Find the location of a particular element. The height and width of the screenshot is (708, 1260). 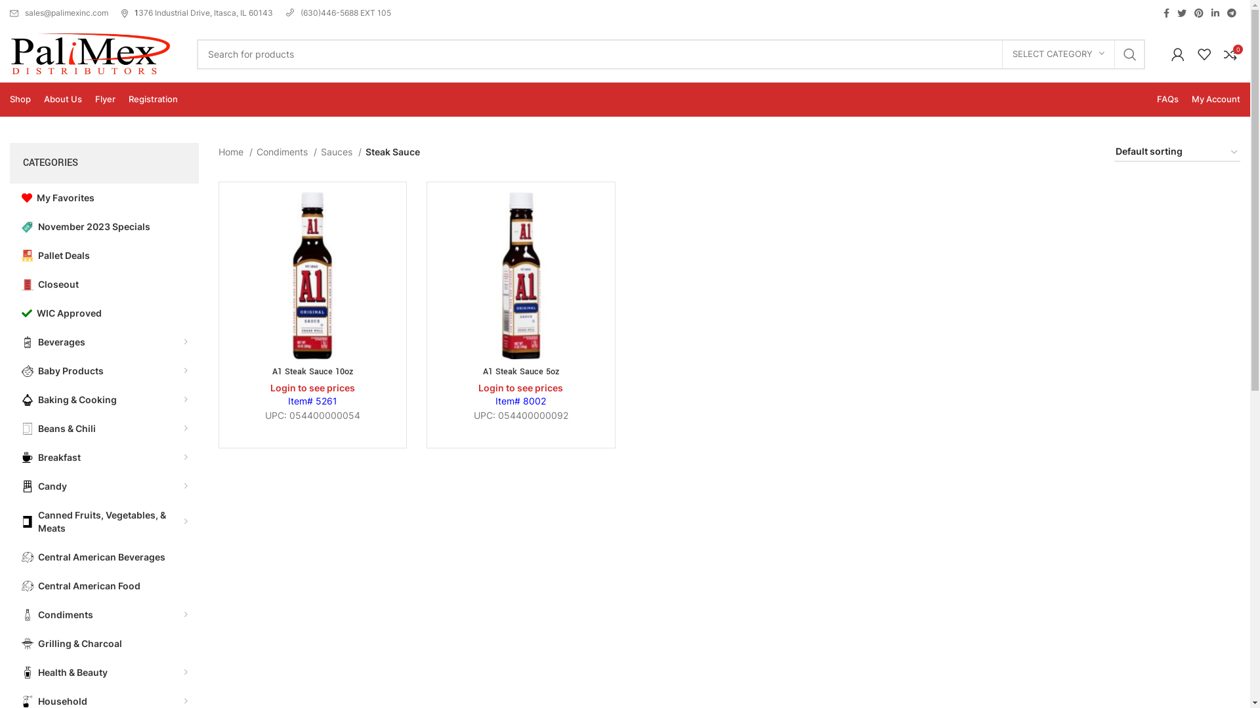

'shampoo-svgrepo-com' is located at coordinates (28, 673).